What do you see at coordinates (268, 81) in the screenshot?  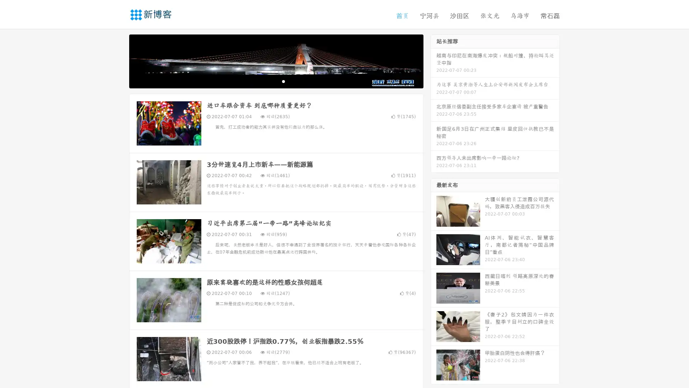 I see `Go to slide 1` at bounding box center [268, 81].